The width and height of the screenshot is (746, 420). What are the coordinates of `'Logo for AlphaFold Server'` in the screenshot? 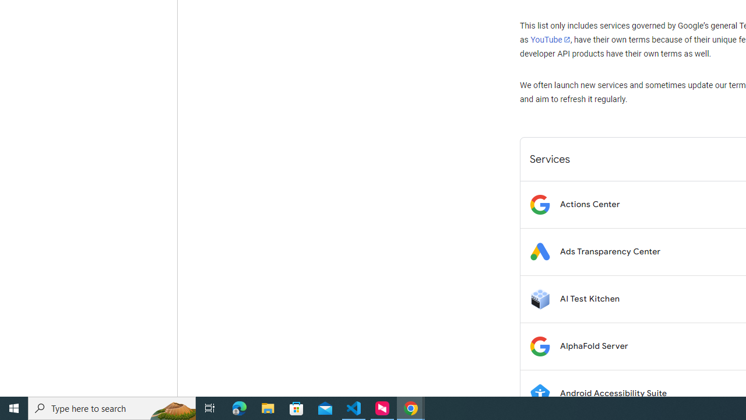 It's located at (539, 345).